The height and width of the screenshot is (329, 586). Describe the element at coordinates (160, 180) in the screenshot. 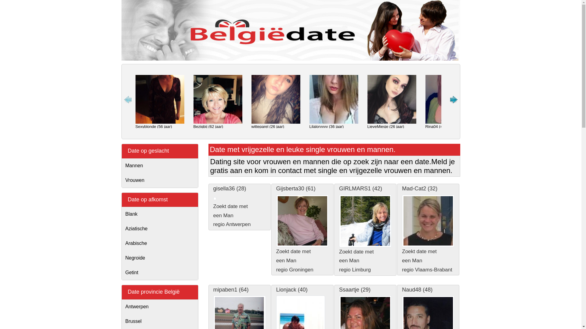

I see `'Vrouwen'` at that location.